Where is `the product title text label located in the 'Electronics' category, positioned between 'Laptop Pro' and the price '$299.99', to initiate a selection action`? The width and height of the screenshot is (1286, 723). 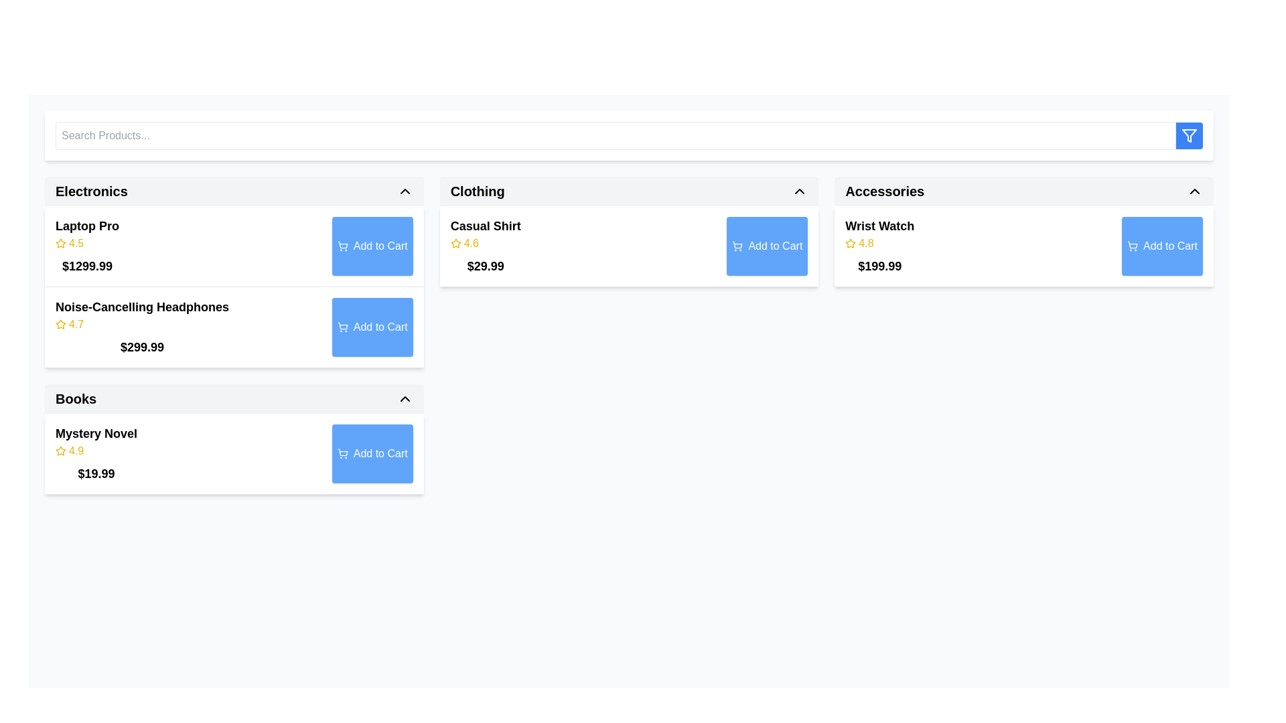
the product title text label located in the 'Electronics' category, positioned between 'Laptop Pro' and the price '$299.99', to initiate a selection action is located at coordinates (141, 307).